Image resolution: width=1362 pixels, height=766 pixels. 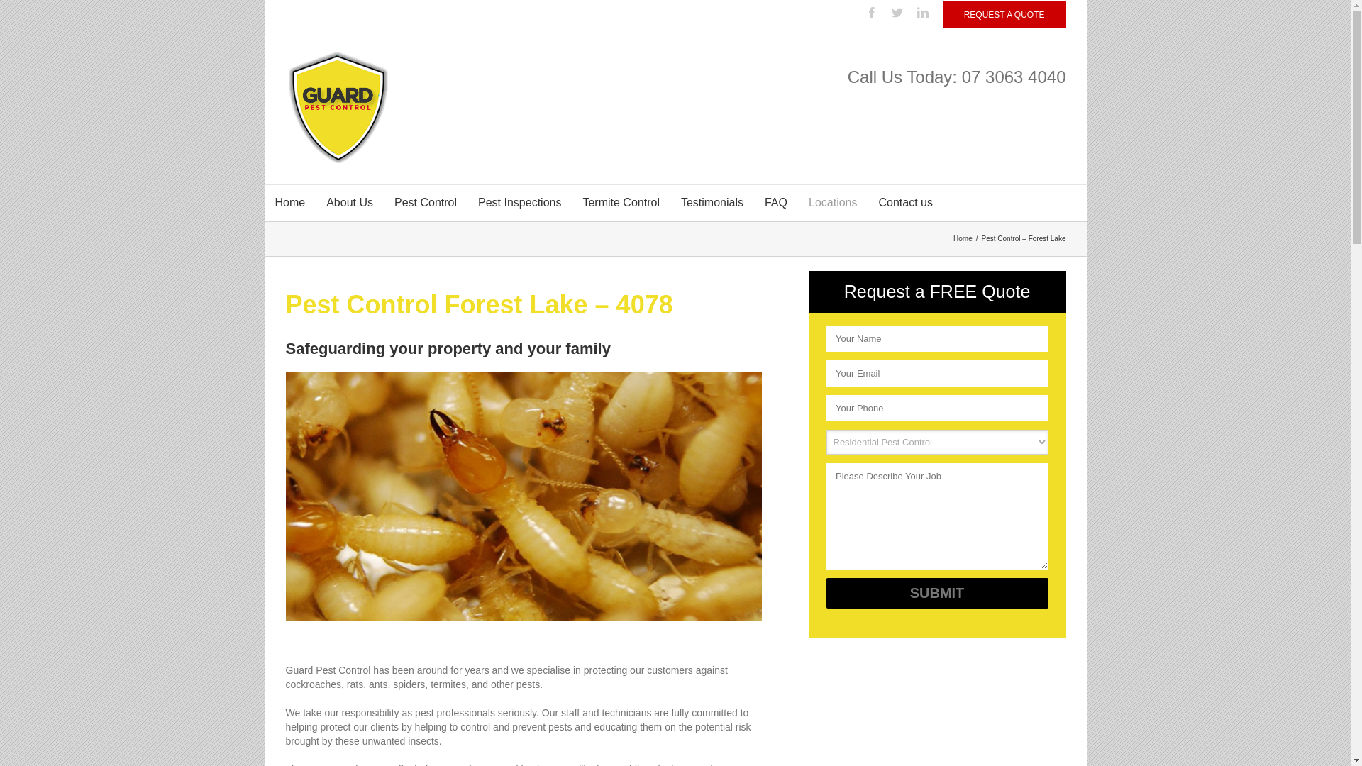 I want to click on 'About Us', so click(x=350, y=202).